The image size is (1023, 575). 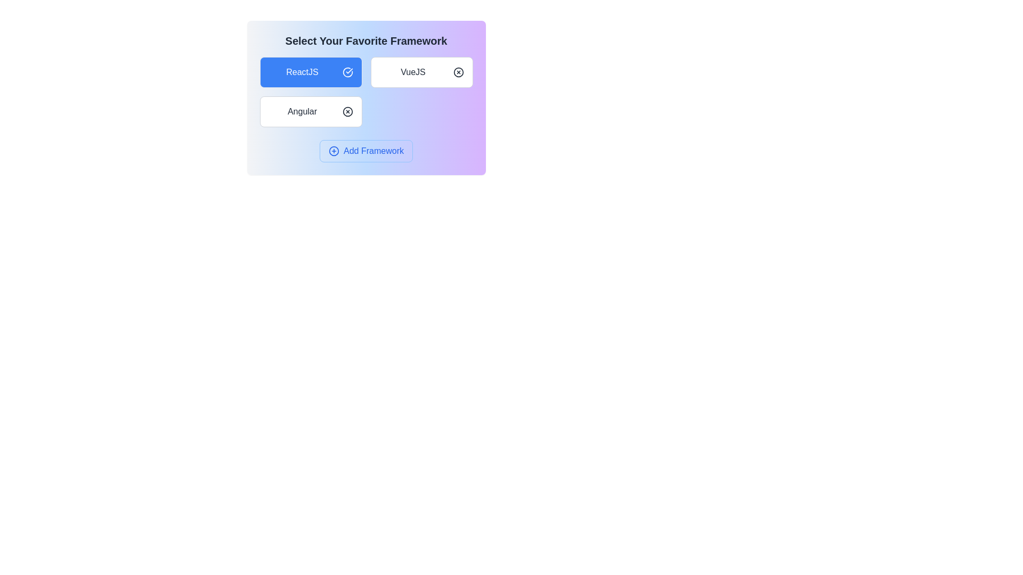 I want to click on the chip labeled Angular, so click(x=310, y=111).